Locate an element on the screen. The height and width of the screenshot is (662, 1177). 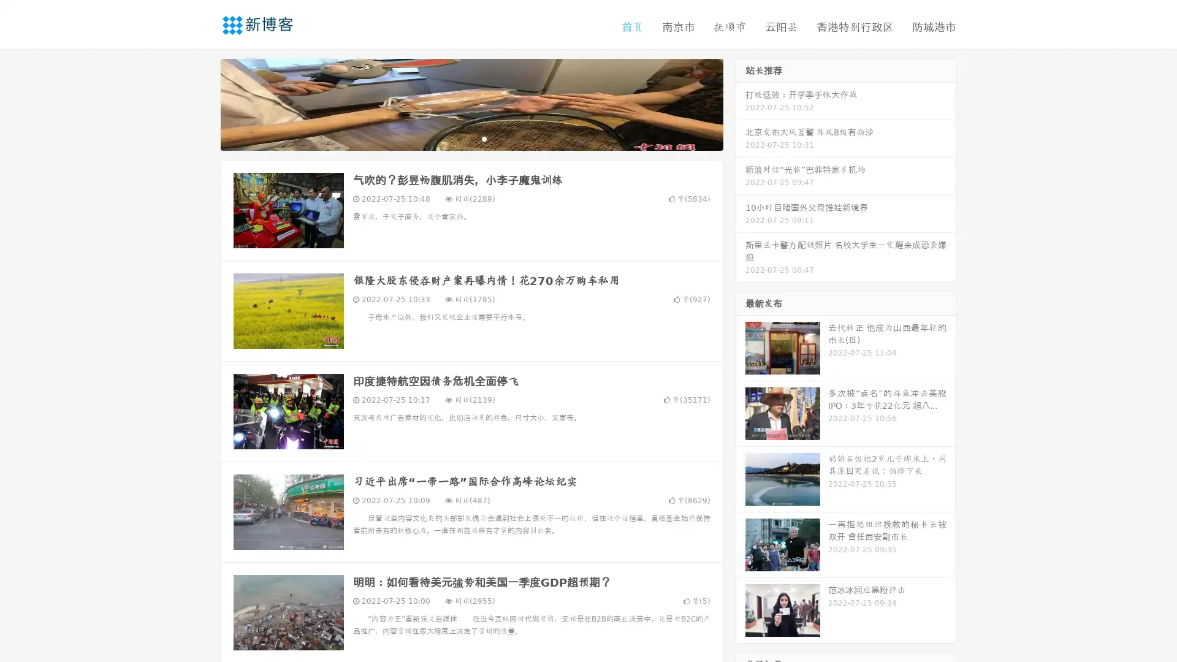
Go to slide 3 is located at coordinates (484, 138).